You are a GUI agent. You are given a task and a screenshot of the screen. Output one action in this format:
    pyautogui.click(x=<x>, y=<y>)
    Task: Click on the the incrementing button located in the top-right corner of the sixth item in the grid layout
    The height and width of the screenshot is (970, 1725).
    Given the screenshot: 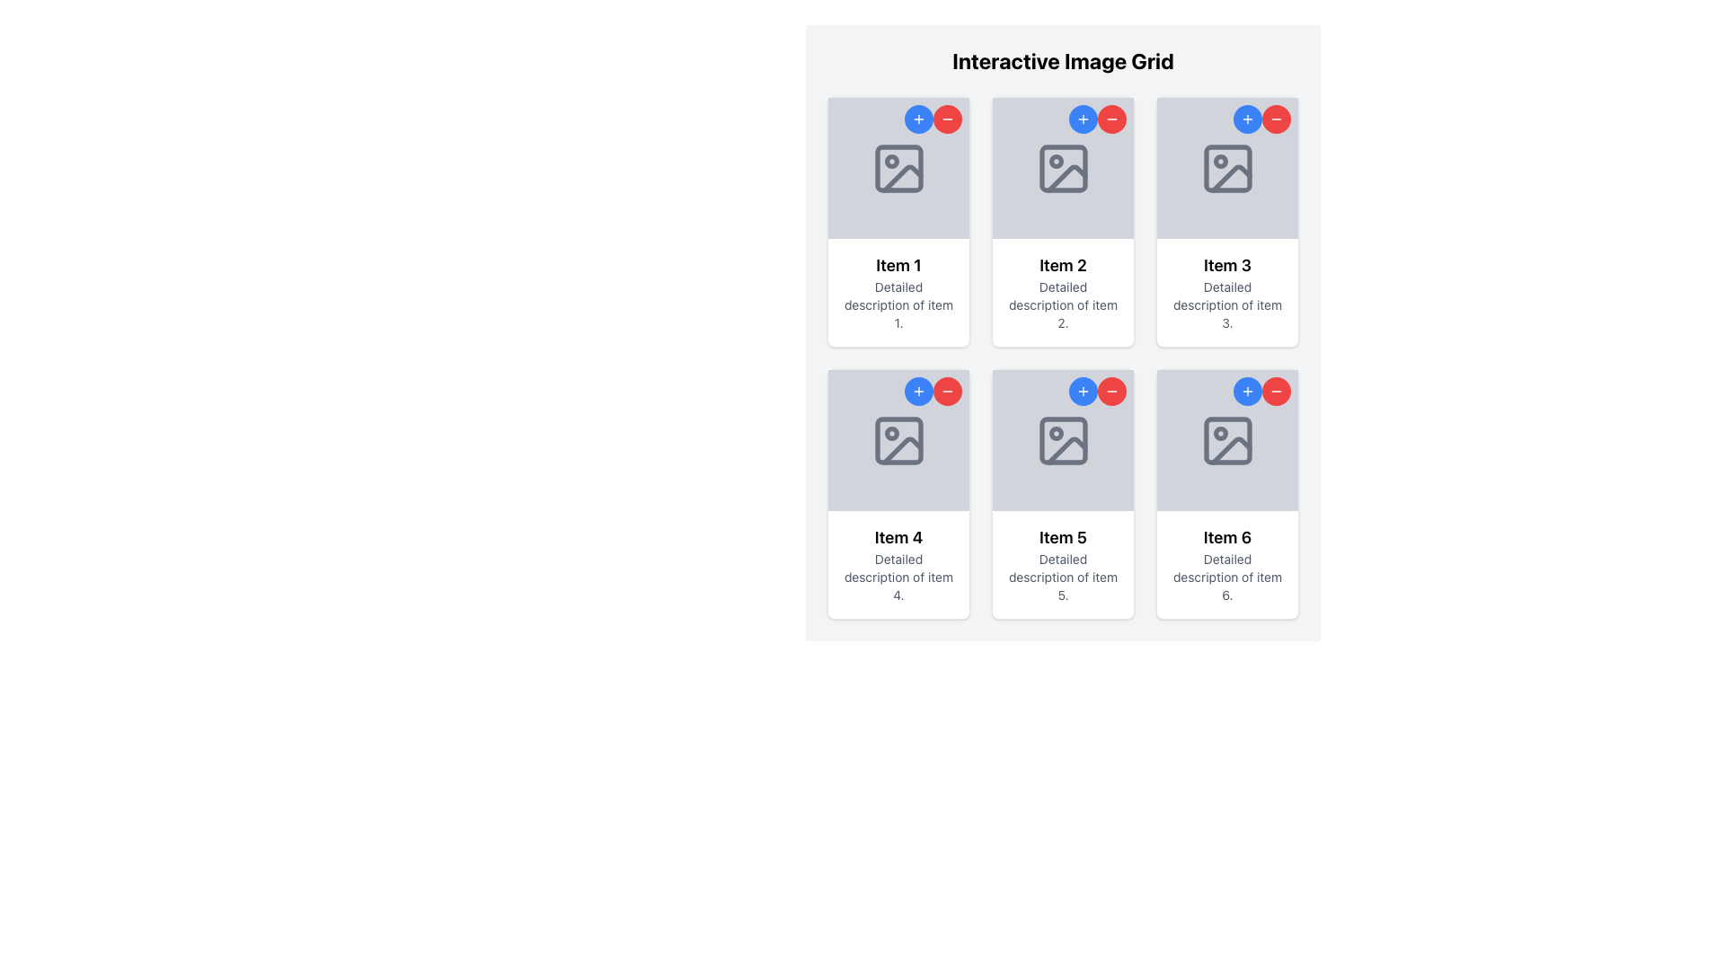 What is the action you would take?
    pyautogui.click(x=1246, y=390)
    